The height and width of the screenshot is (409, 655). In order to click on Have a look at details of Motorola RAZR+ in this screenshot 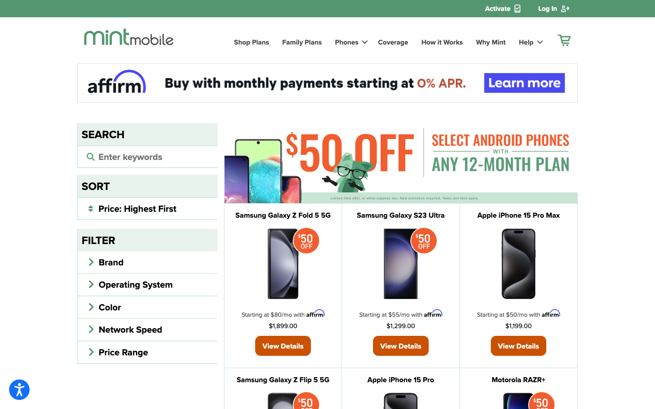, I will do `click(518, 379)`.